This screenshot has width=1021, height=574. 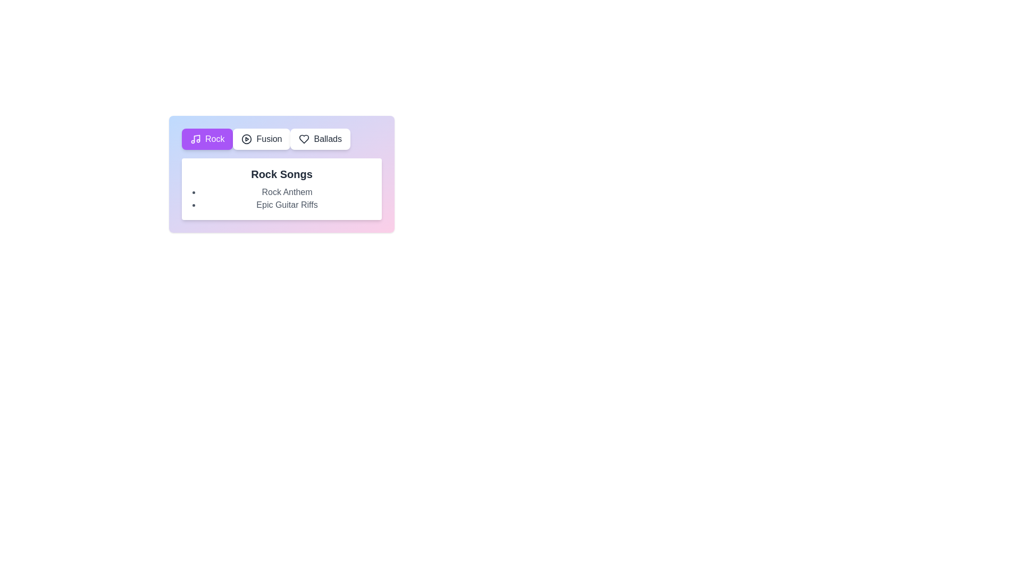 What do you see at coordinates (261, 139) in the screenshot?
I see `the genre tab labeled Fusion to view its songs` at bounding box center [261, 139].